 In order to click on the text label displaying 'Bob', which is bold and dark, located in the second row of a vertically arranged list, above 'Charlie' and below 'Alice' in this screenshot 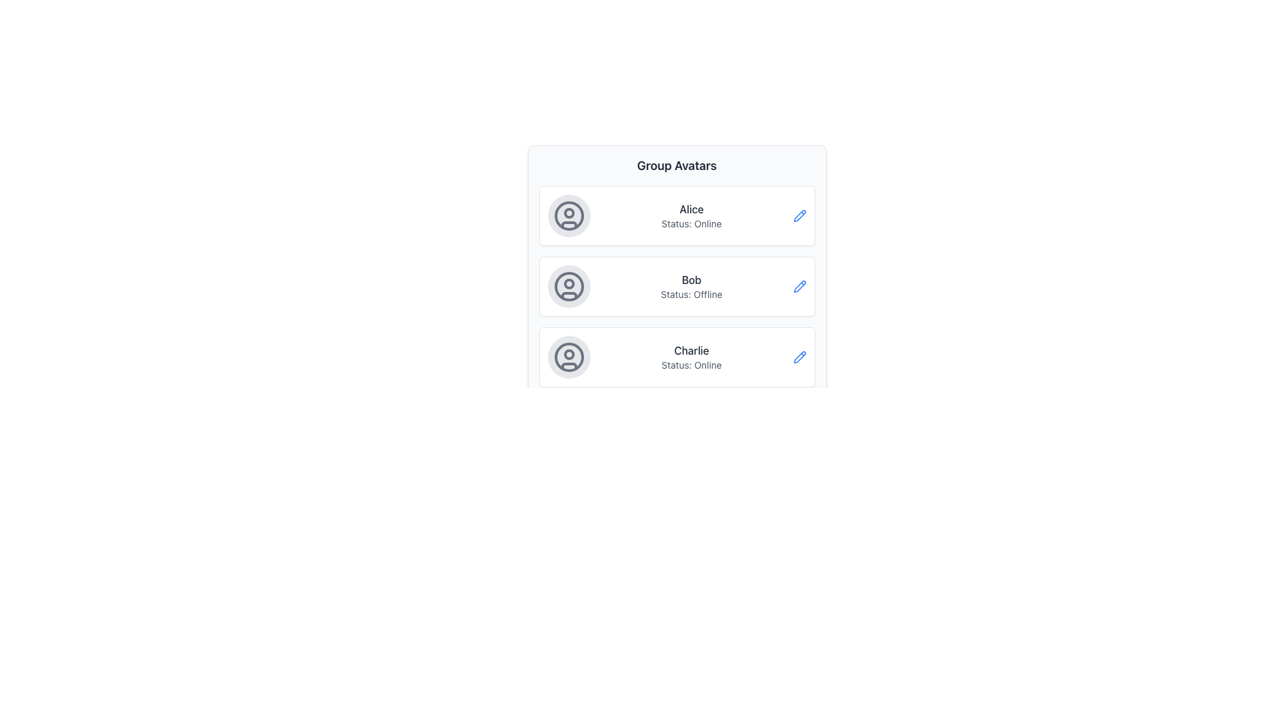, I will do `click(691, 279)`.